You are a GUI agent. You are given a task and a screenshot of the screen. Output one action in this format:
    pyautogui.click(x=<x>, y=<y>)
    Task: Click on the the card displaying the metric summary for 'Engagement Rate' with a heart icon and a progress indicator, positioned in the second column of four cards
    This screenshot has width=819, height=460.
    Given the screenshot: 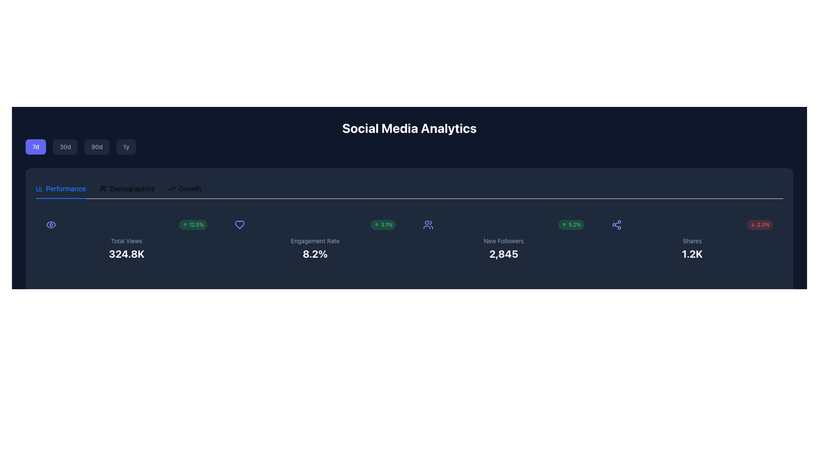 What is the action you would take?
    pyautogui.click(x=315, y=240)
    